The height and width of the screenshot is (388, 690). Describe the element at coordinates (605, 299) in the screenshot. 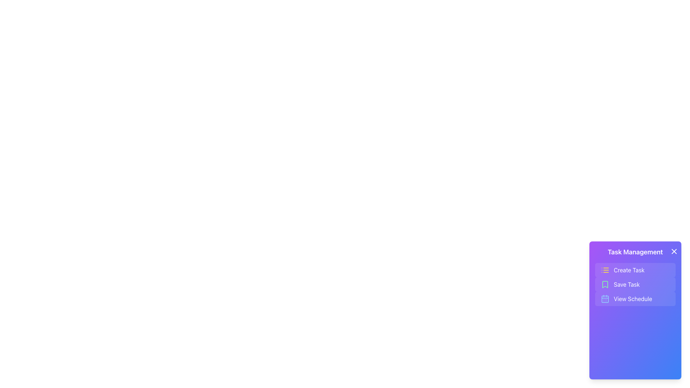

I see `the SVG-based icon representing the 'View Schedule' action, which is located to the left of the 'View Schedule' text in the 'Task Management' panel` at that location.